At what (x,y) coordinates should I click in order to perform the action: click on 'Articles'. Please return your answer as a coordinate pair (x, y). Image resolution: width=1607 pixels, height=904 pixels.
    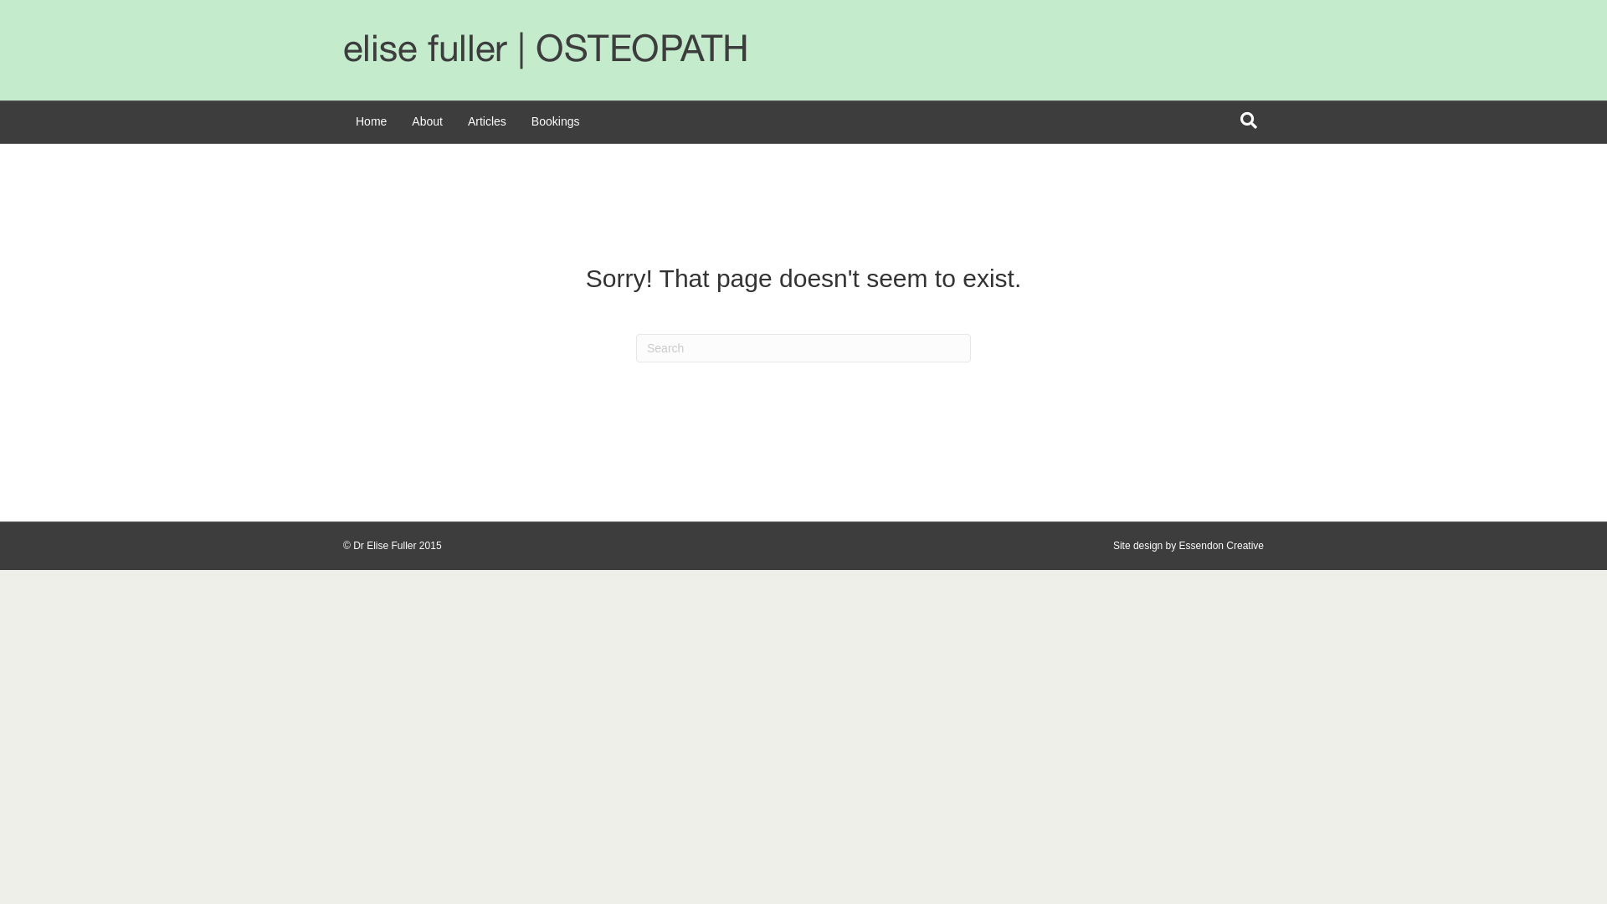
    Looking at the image, I should click on (454, 121).